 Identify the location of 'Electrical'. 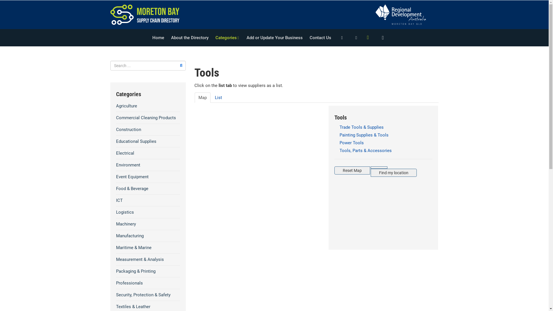
(148, 153).